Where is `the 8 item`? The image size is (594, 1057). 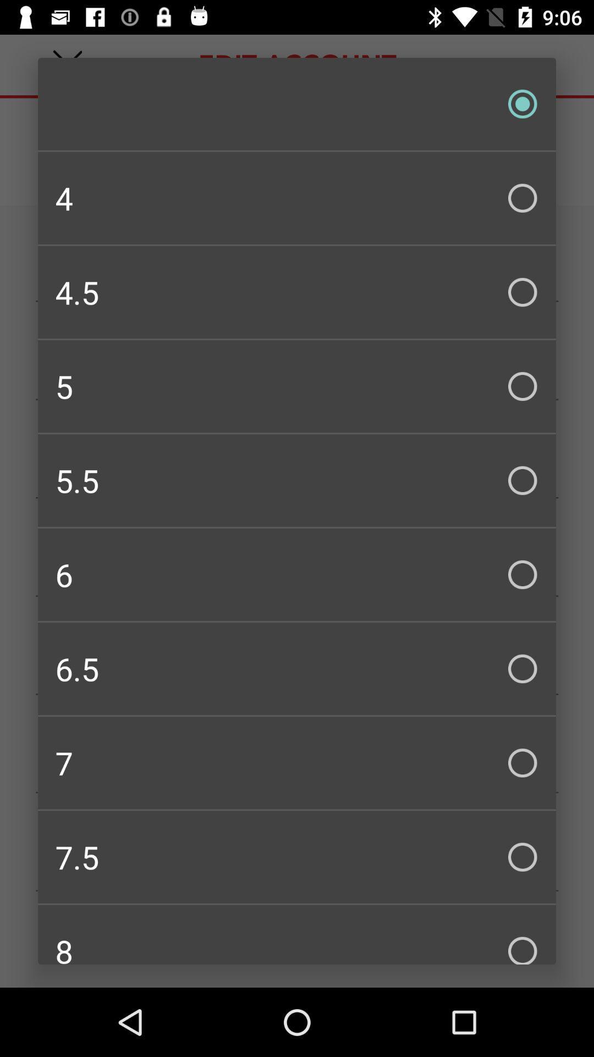 the 8 item is located at coordinates (297, 934).